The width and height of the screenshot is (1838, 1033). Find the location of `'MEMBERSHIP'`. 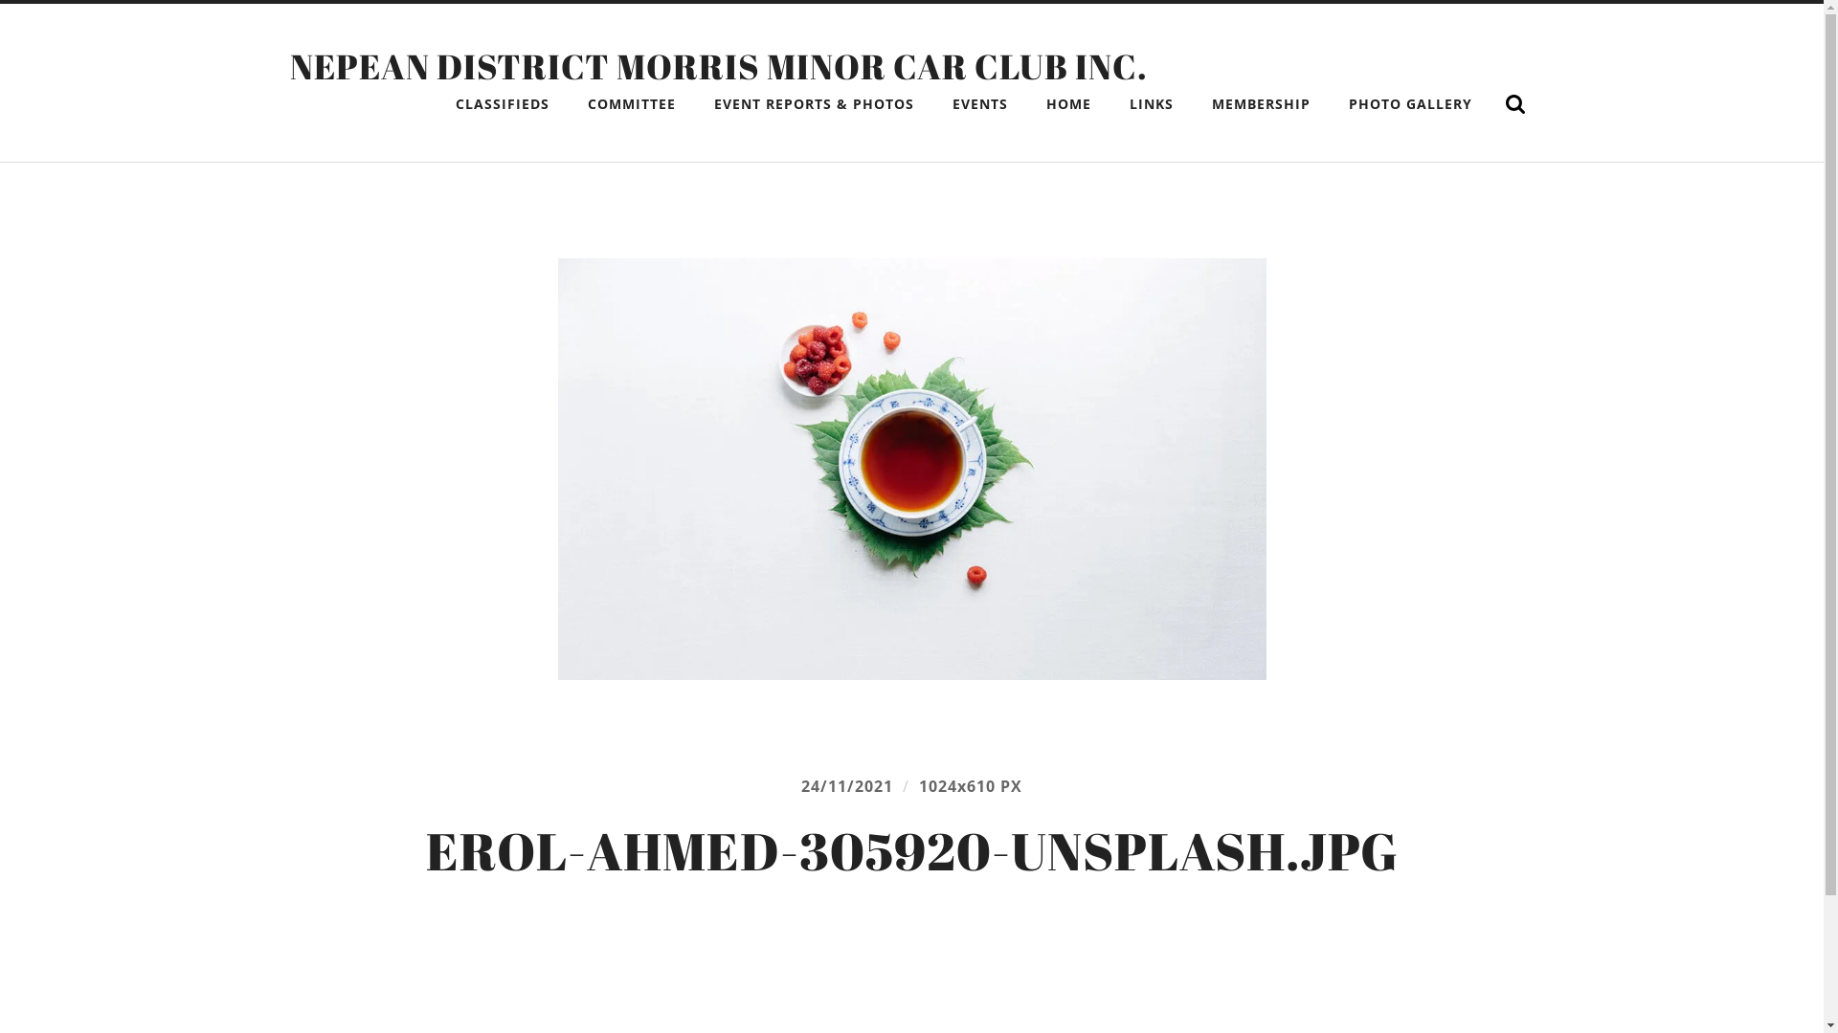

'MEMBERSHIP' is located at coordinates (1260, 103).